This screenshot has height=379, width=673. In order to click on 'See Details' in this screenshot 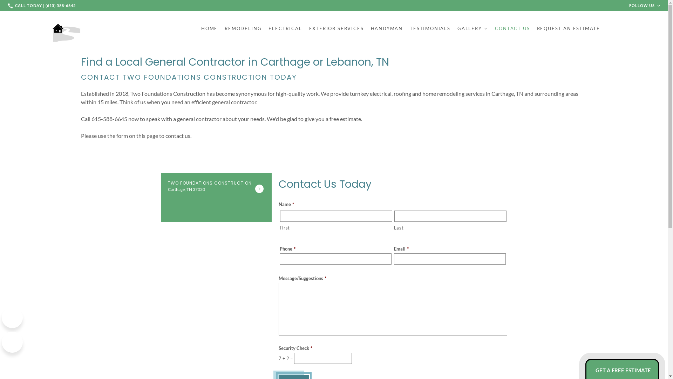, I will do `click(259, 188)`.